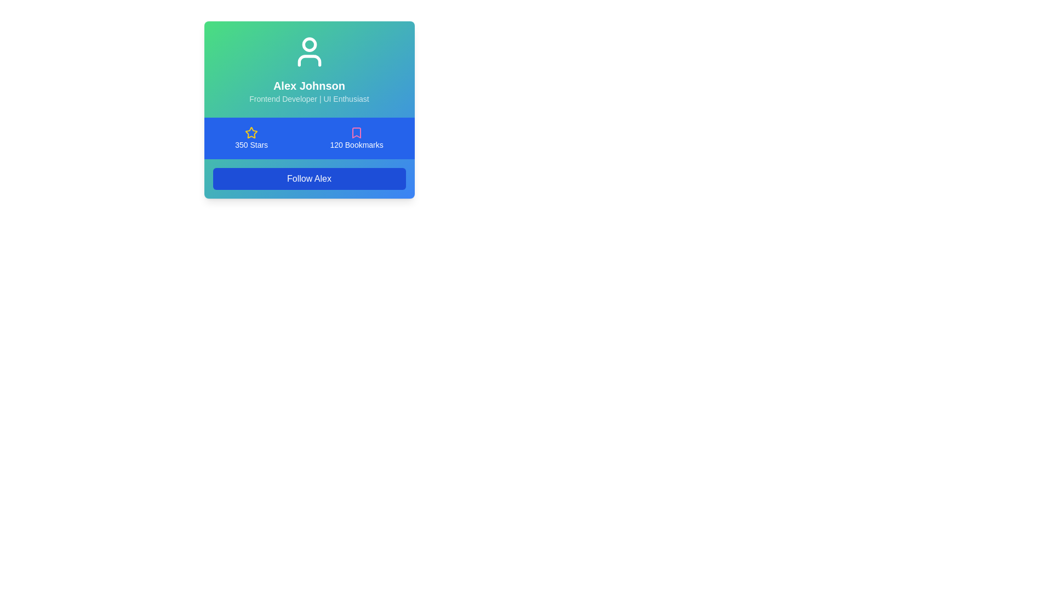 The image size is (1052, 591). What do you see at coordinates (308, 44) in the screenshot?
I see `the small circular graphic (SVG Circle) located near the top center of the profile card, which is the second element within the 'lucide-user' SVG and positioned above the user's name and details section` at bounding box center [308, 44].